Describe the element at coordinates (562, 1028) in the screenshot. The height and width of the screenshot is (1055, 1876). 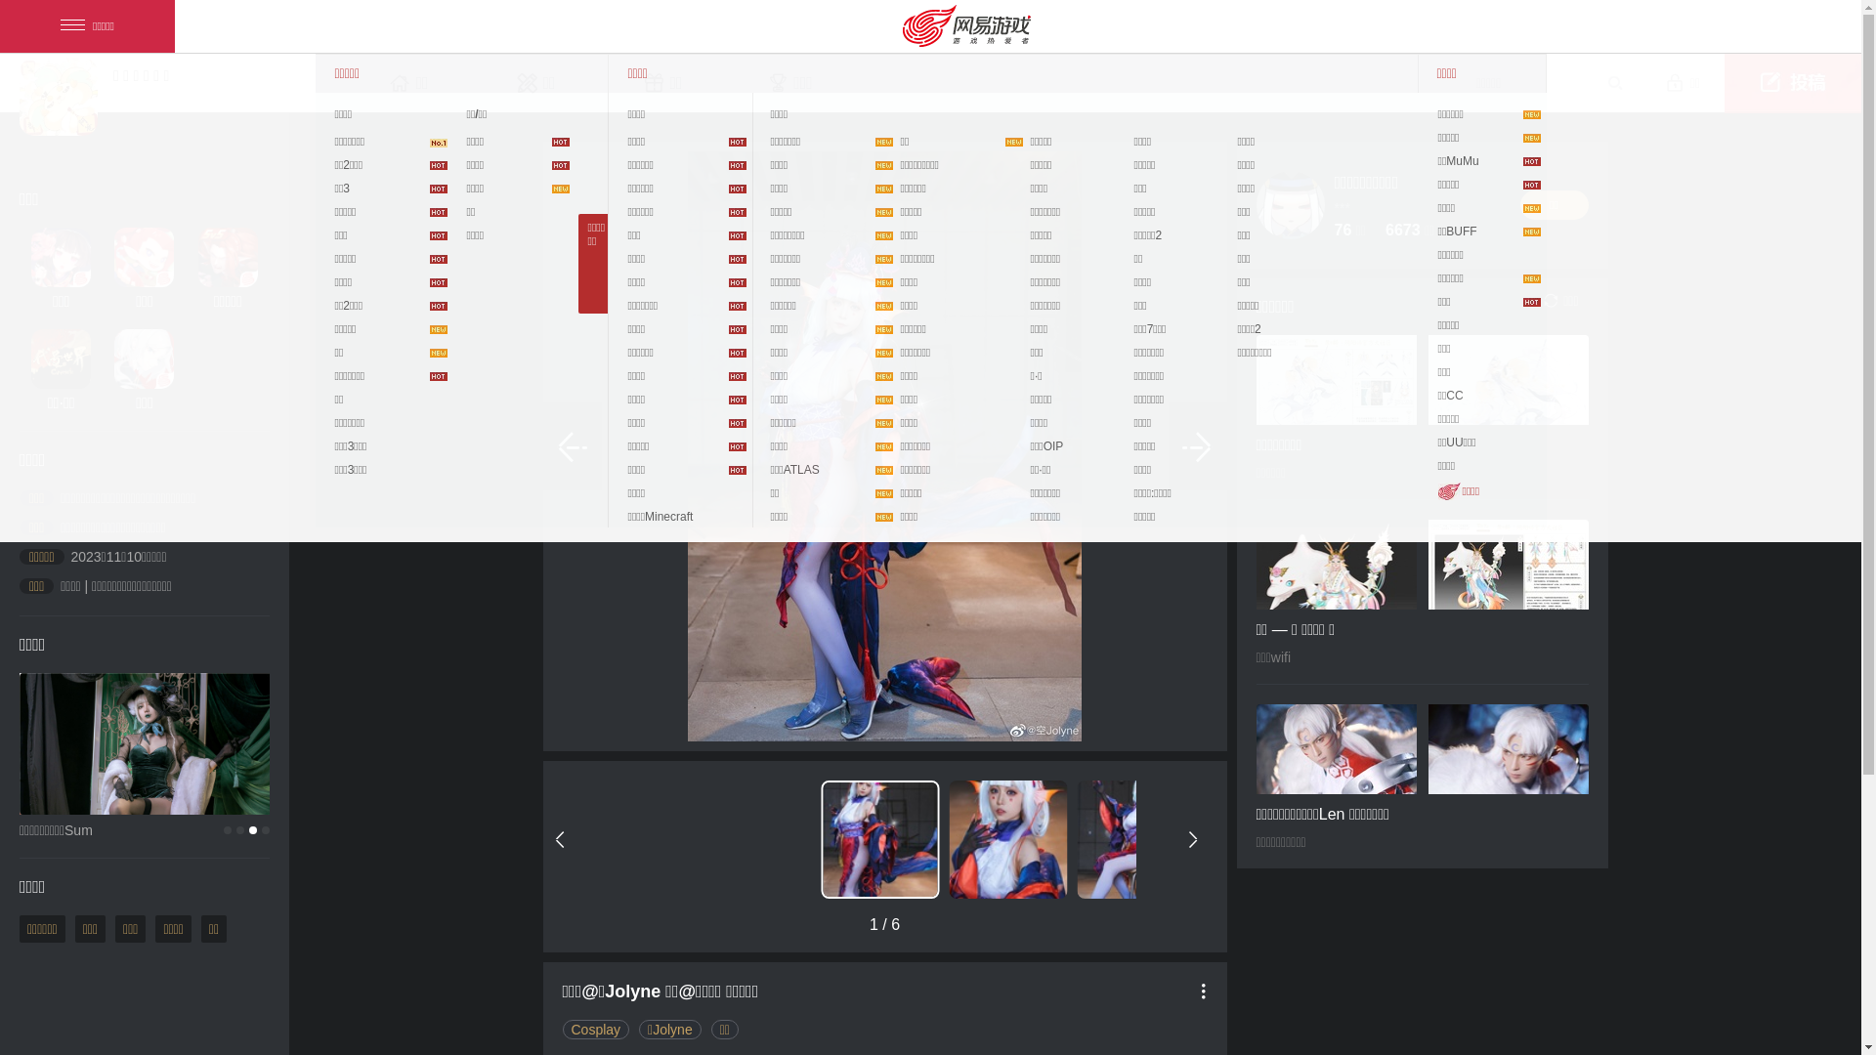
I see `'Cosplay'` at that location.